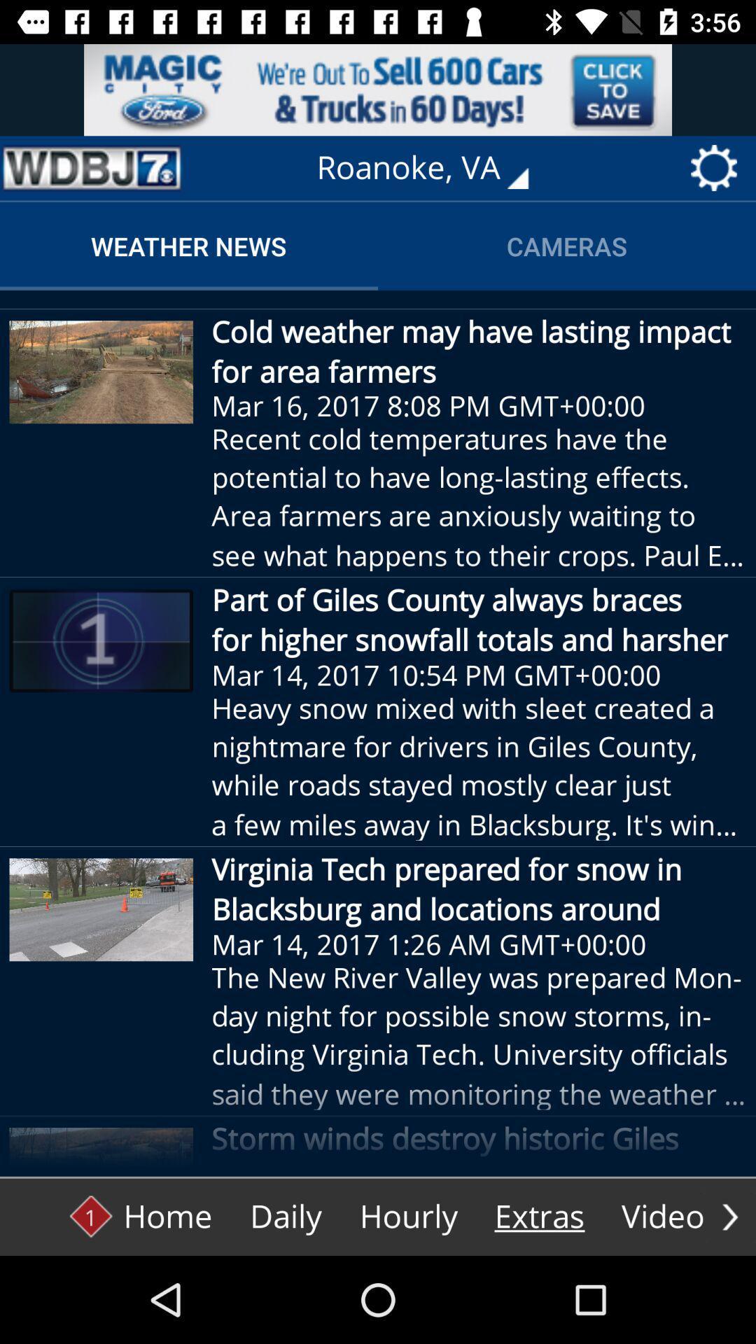 The height and width of the screenshot is (1344, 756). Describe the element at coordinates (378, 89) in the screenshot. I see `new advertisement open box` at that location.